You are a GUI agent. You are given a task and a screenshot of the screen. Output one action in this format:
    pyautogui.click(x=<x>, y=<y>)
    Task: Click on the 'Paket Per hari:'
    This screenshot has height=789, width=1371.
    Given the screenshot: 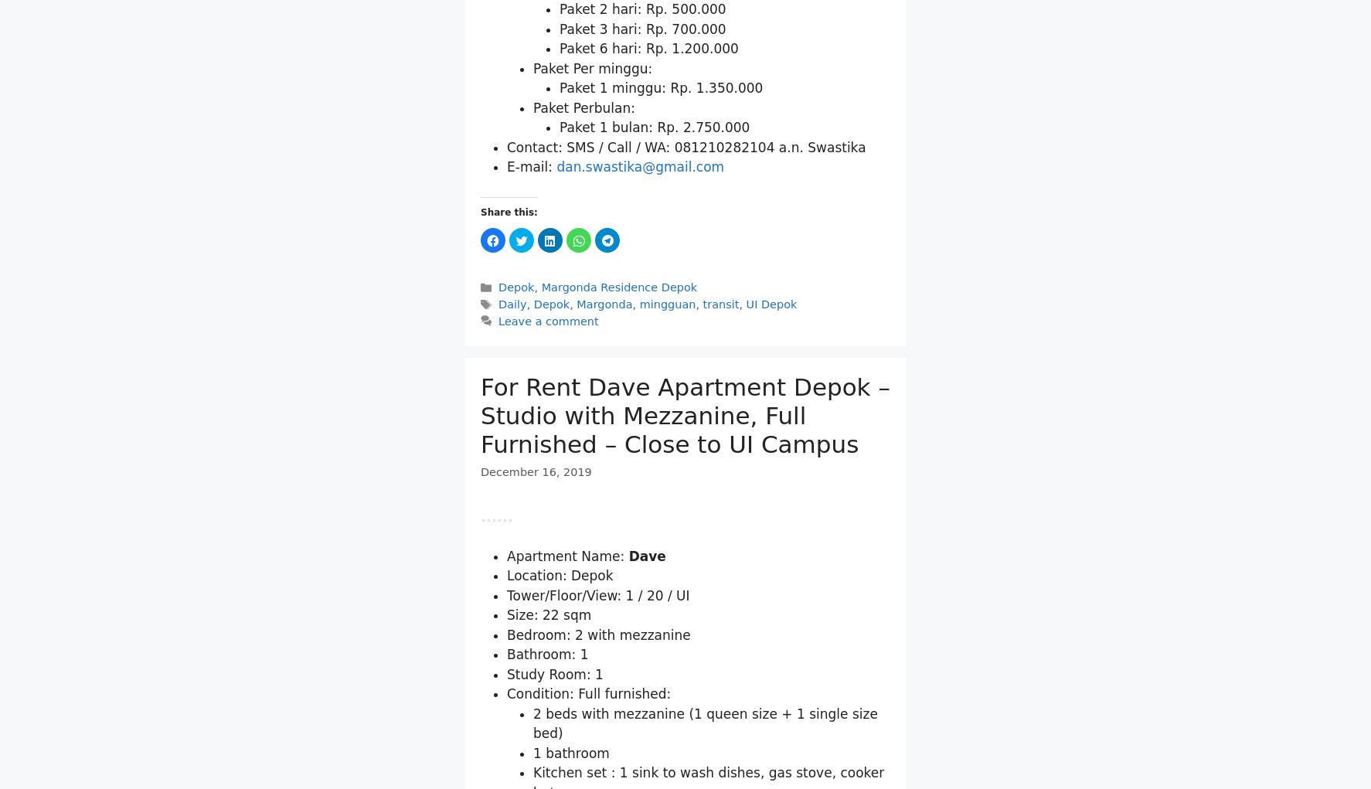 What is the action you would take?
    pyautogui.click(x=579, y=170)
    